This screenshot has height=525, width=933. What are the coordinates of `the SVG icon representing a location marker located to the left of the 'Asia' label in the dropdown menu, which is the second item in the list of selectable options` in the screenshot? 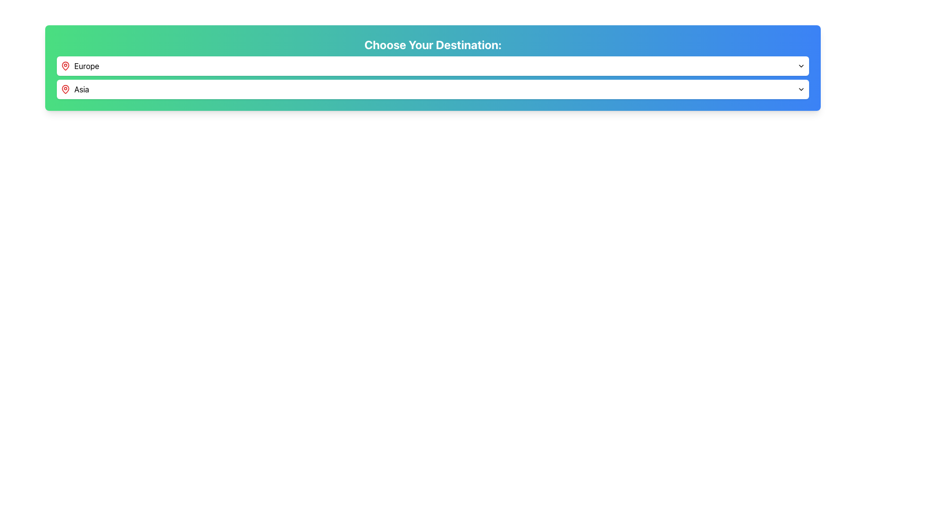 It's located at (65, 89).